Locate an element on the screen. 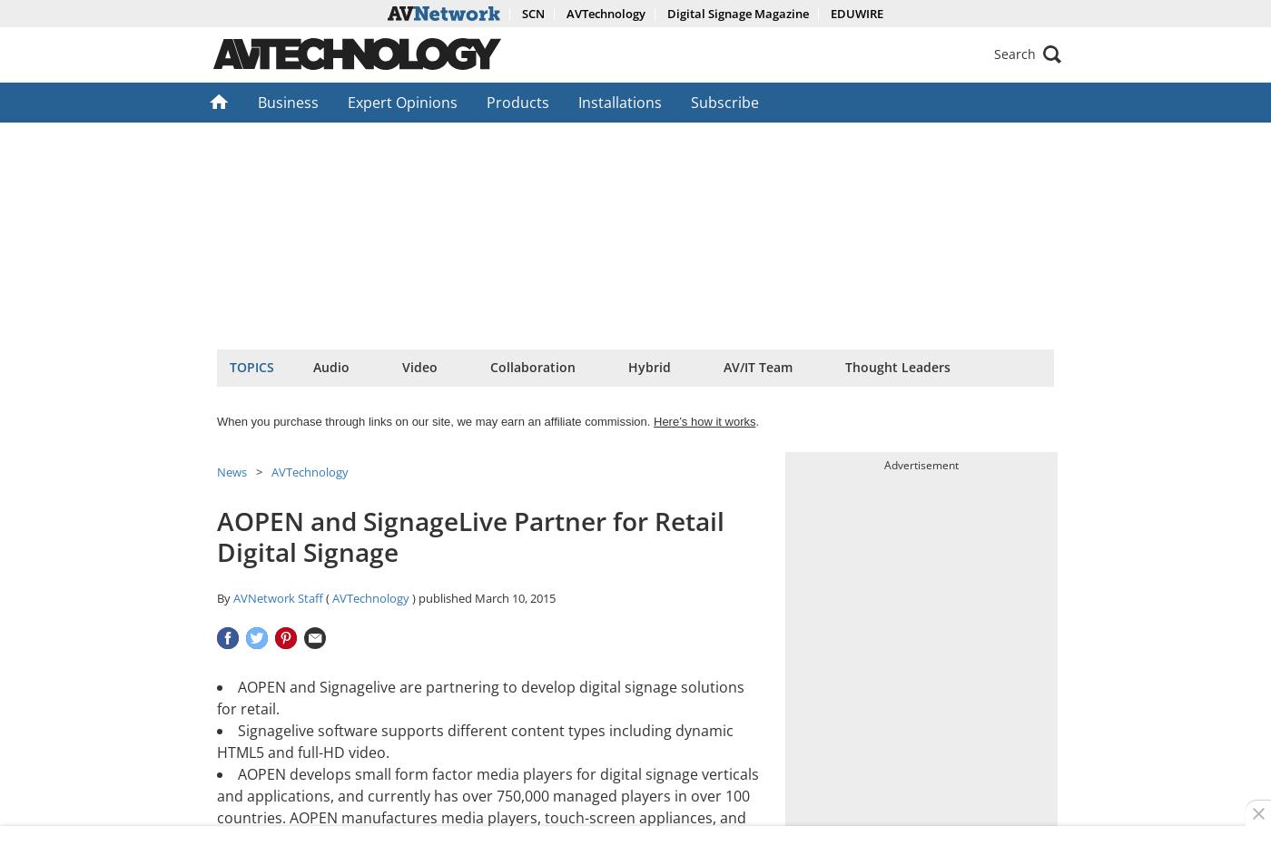  'When you purchase through links on our site, we may earn an affiliate commission.' is located at coordinates (435, 421).